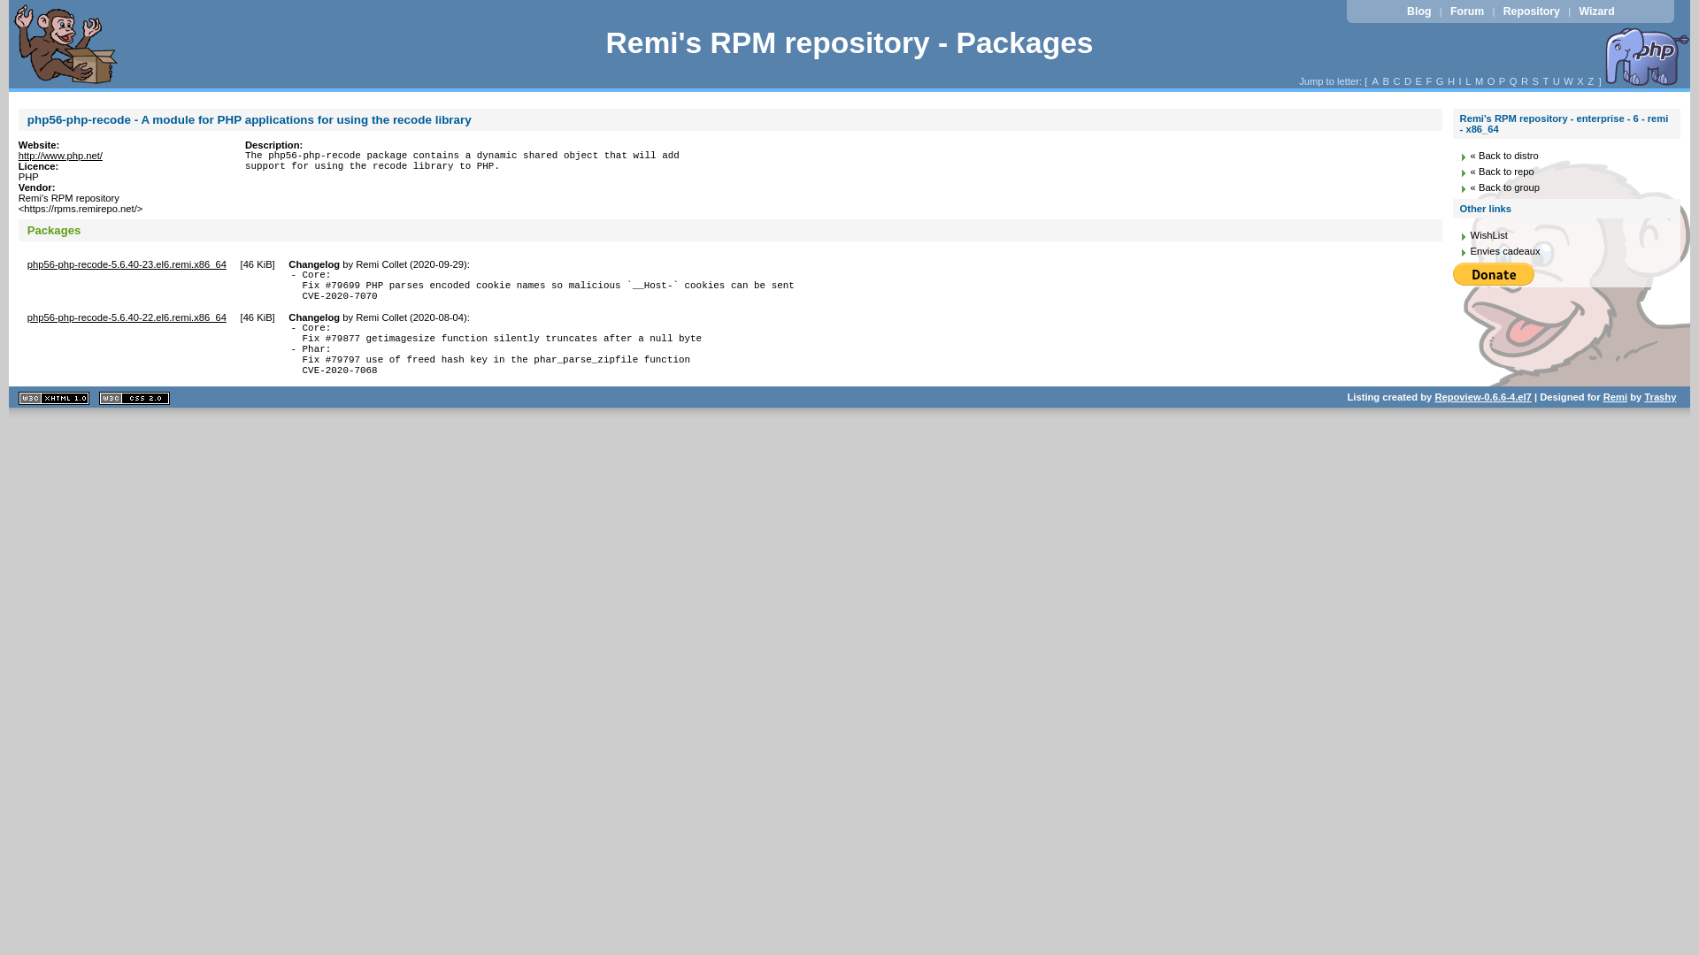 This screenshot has width=1699, height=955. Describe the element at coordinates (1596, 11) in the screenshot. I see `'Wizard'` at that location.